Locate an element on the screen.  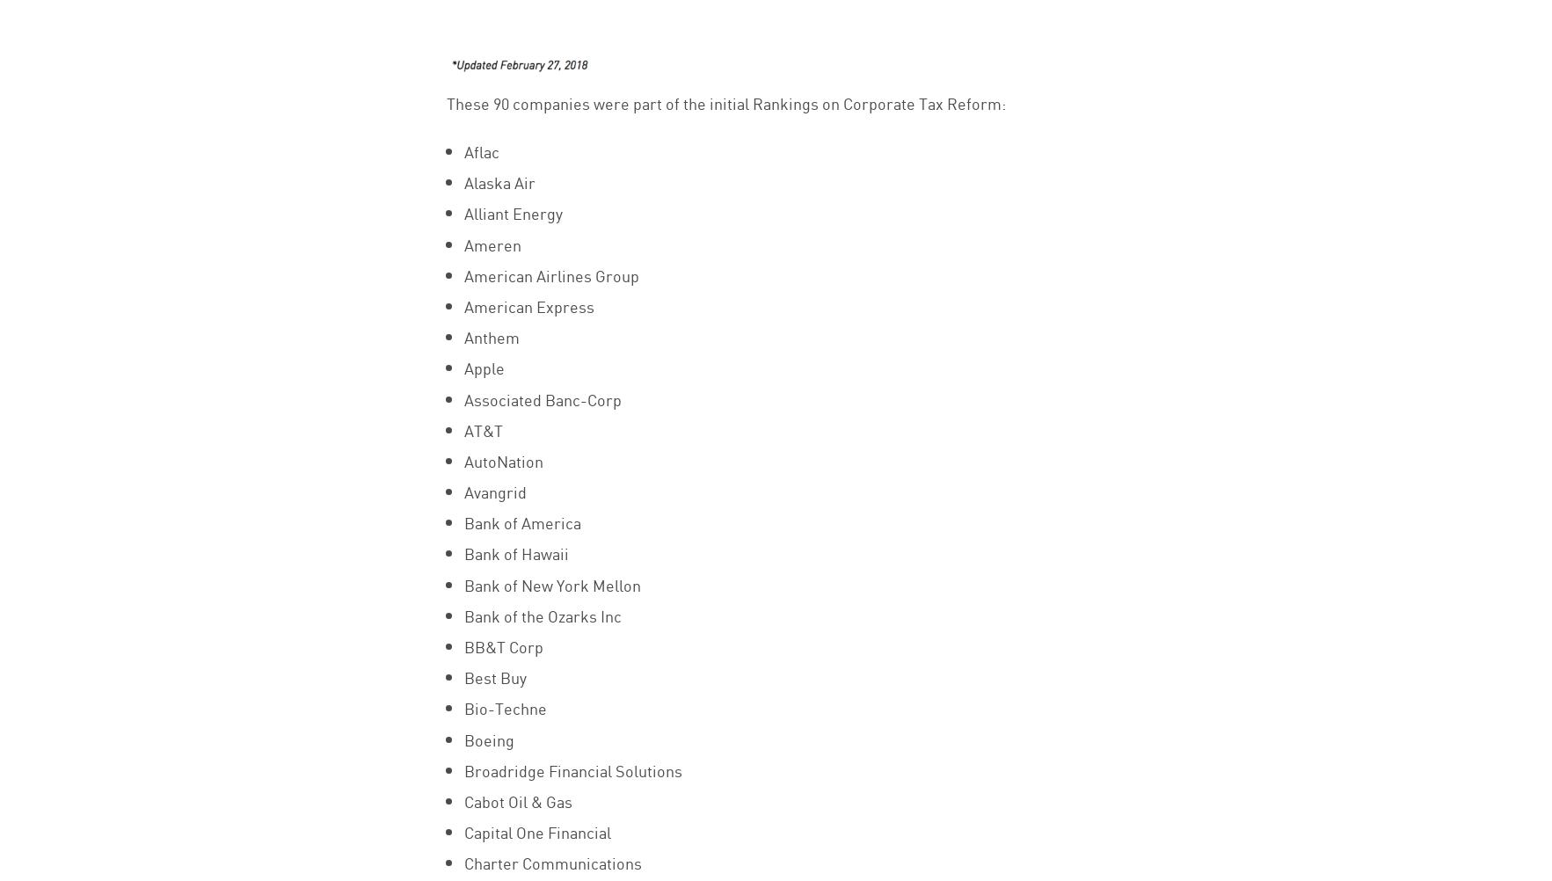
'Aflac' is located at coordinates (479, 151).